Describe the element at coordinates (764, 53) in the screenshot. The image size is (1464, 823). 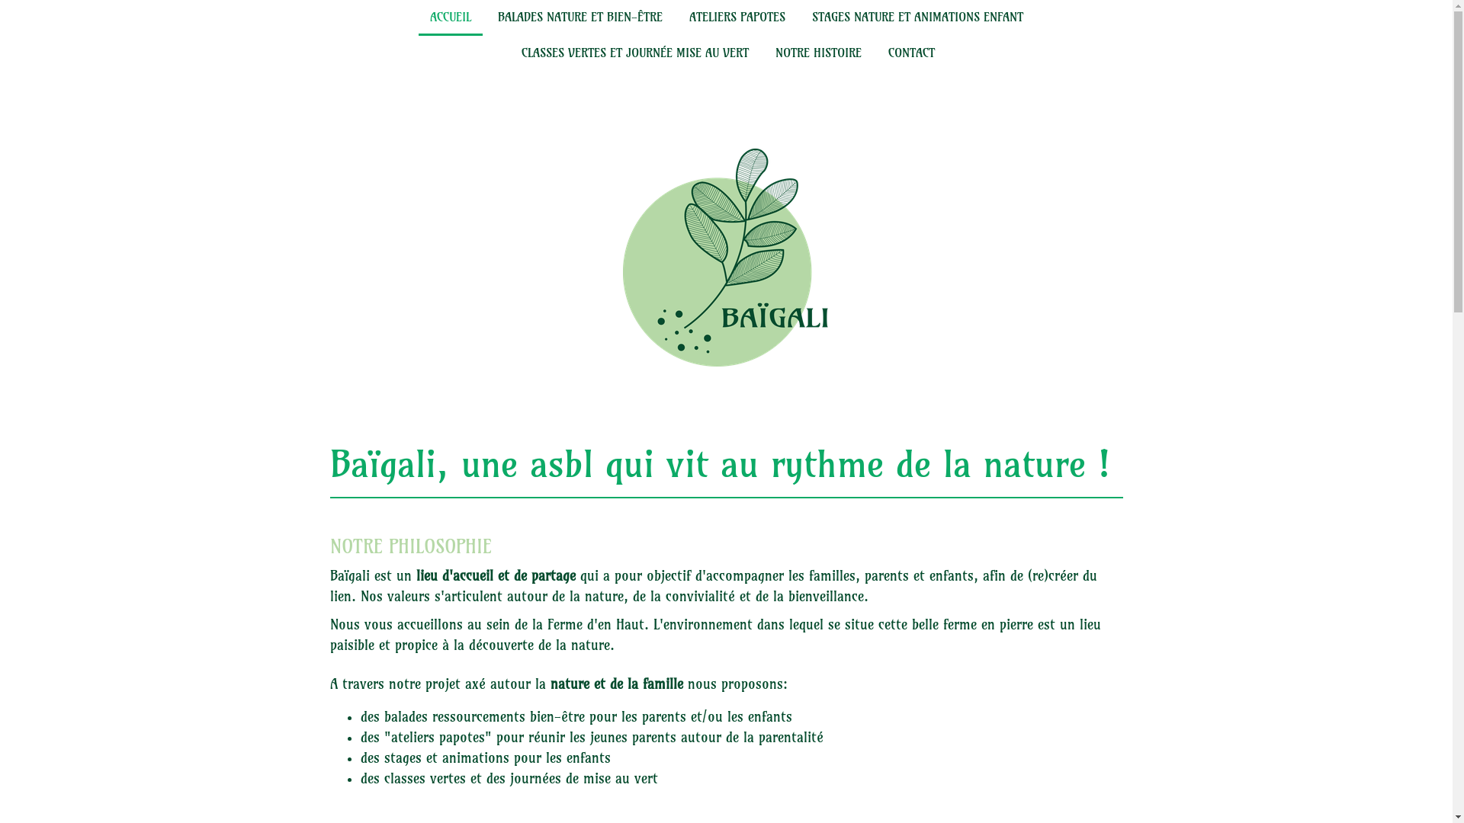
I see `'NOTRE HISTOIRE'` at that location.